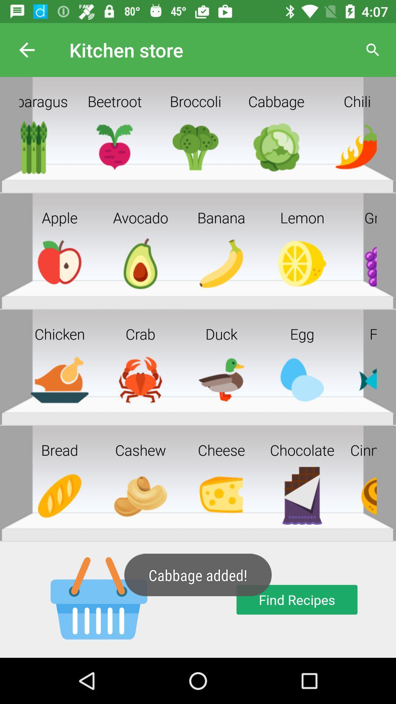  I want to click on the bread image, so click(59, 500).